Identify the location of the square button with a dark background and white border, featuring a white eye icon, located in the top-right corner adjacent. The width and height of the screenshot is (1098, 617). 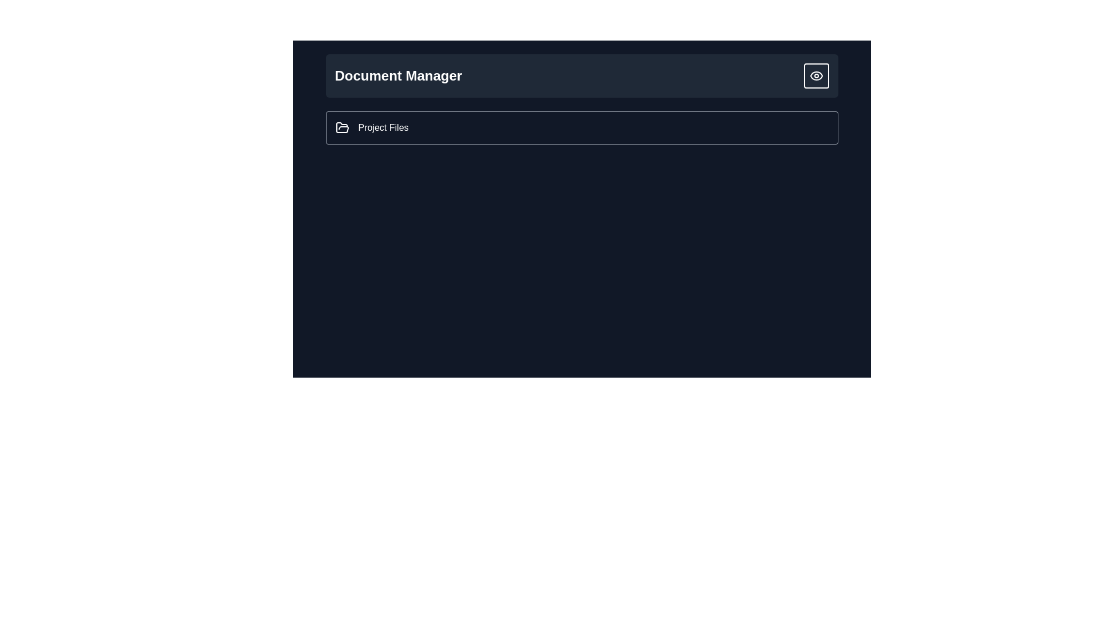
(815, 75).